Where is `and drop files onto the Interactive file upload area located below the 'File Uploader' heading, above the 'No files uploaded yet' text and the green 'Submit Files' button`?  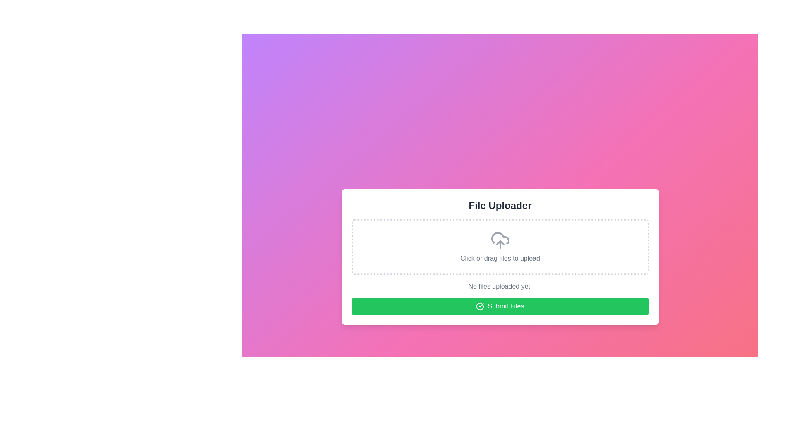 and drop files onto the Interactive file upload area located below the 'File Uploader' heading, above the 'No files uploaded yet' text and the green 'Submit Files' button is located at coordinates (500, 246).